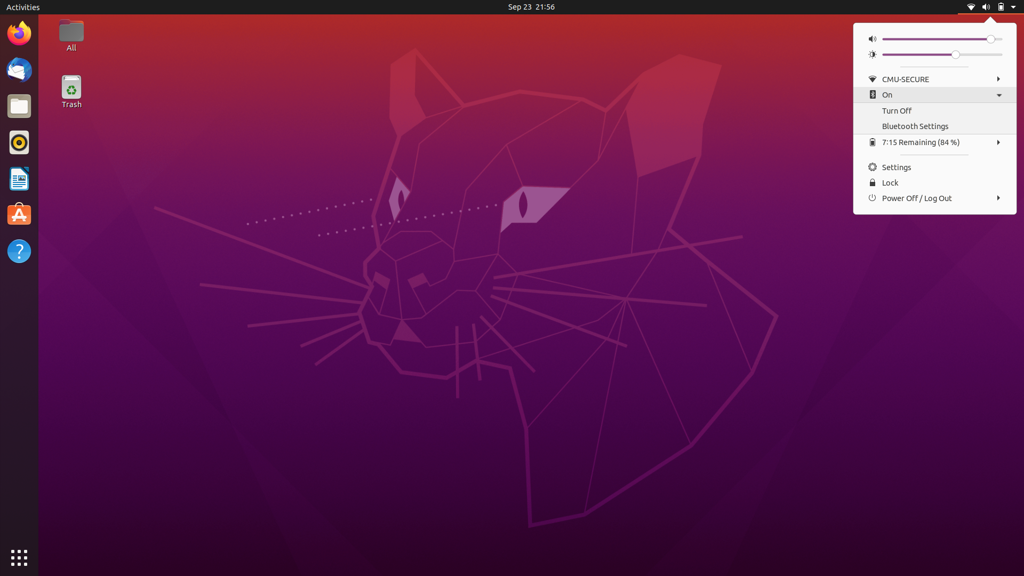  What do you see at coordinates (19, 215) in the screenshot?
I see `program Text Editor` at bounding box center [19, 215].